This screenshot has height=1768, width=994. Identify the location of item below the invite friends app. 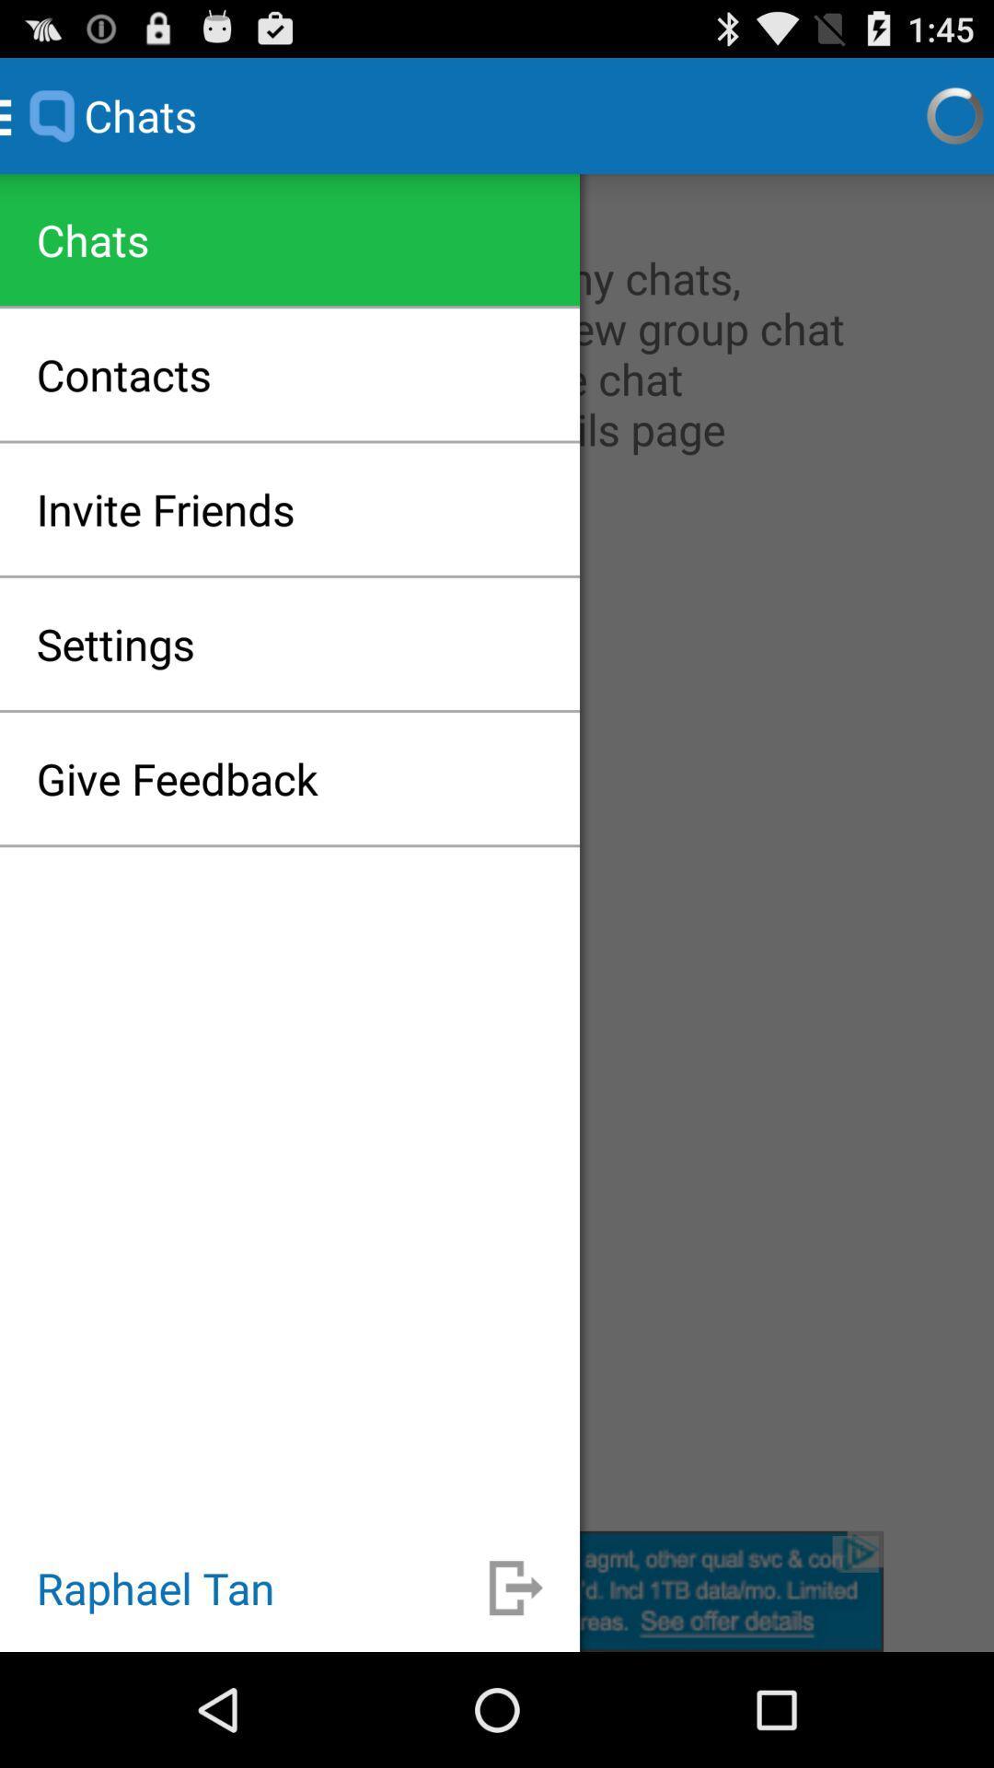
(115, 644).